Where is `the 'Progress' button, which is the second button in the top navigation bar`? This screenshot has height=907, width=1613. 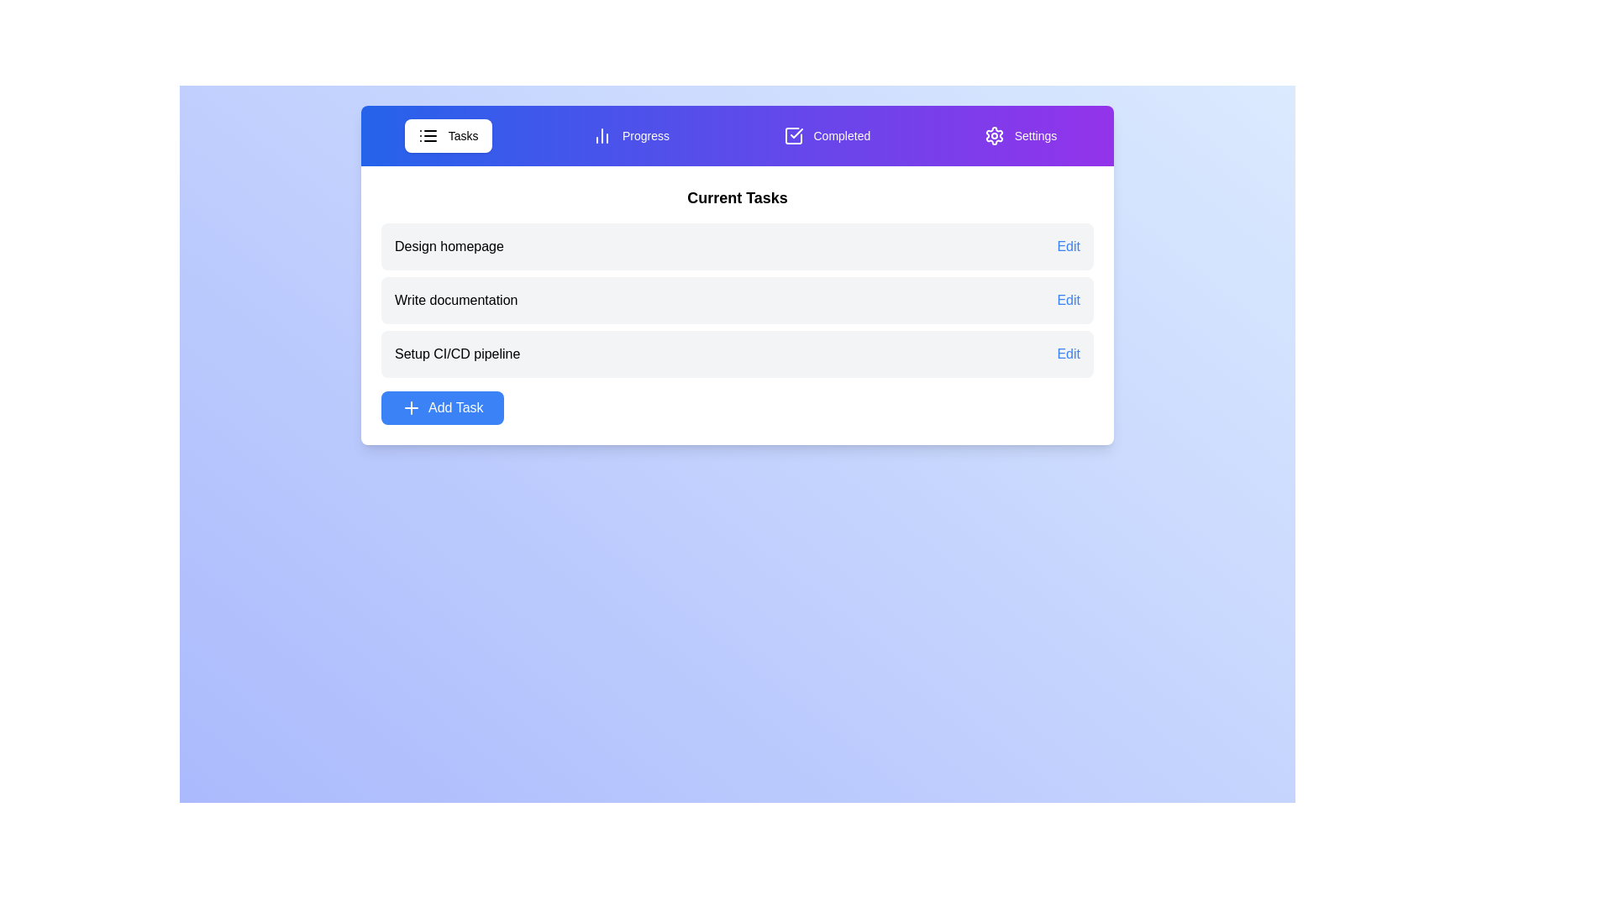
the 'Progress' button, which is the second button in the top navigation bar is located at coordinates (630, 135).